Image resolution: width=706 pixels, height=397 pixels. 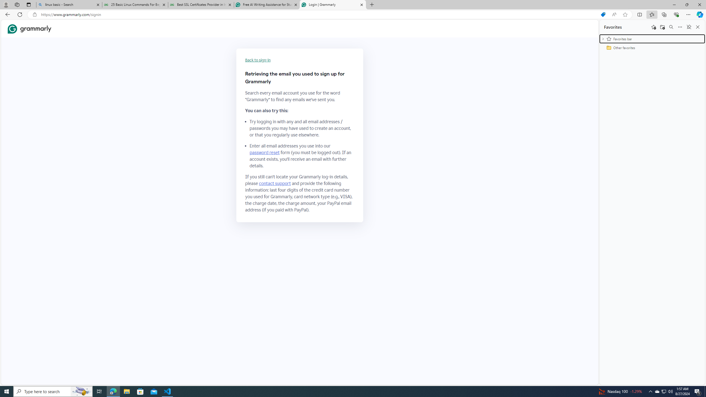 I want to click on 'Back to sign-in', so click(x=258, y=60).